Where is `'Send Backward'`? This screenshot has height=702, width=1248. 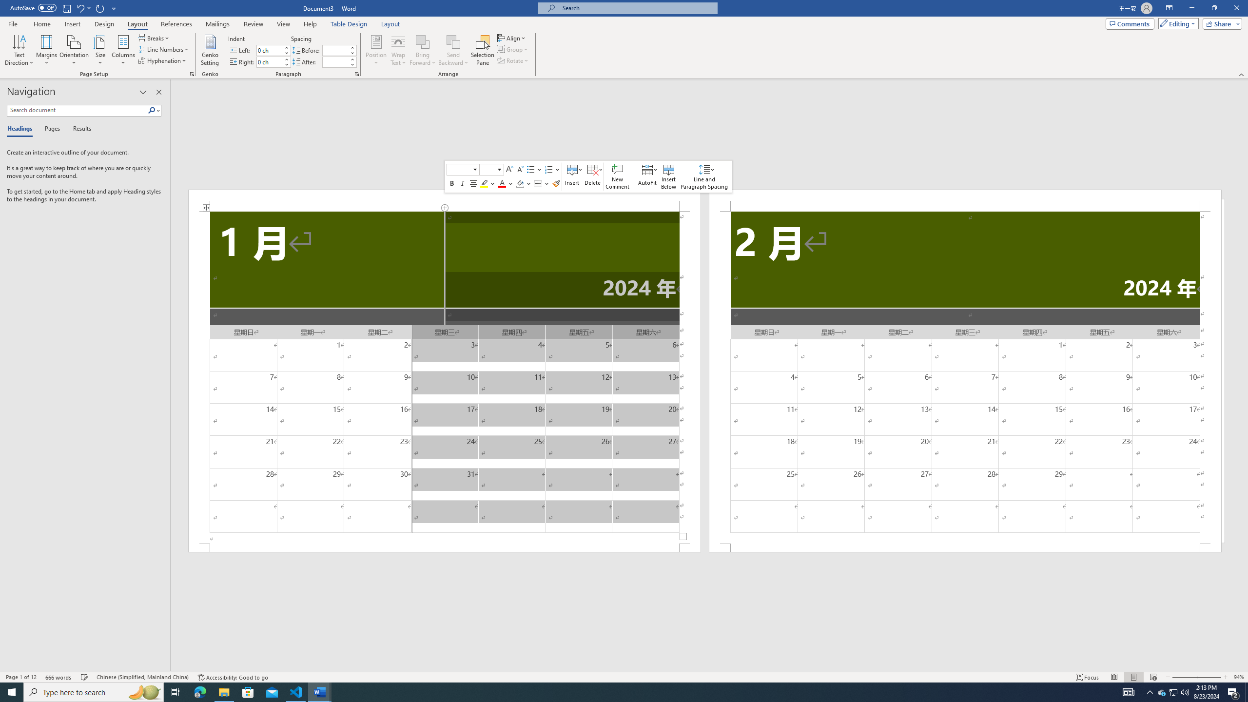 'Send Backward' is located at coordinates (453, 50).